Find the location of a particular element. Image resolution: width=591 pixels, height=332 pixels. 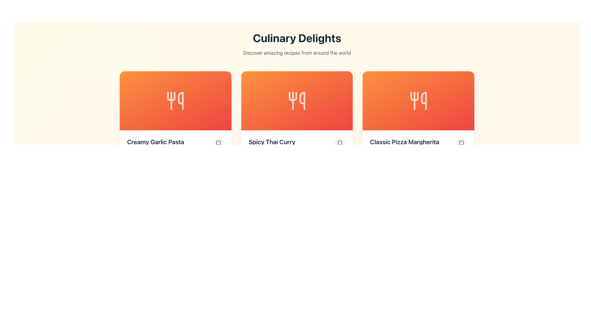

the vertical line with a curved hook at the top, which is part of the icon on the leftmost card (Creamy Garlic Pasta), located to the right of the fork is located at coordinates (180, 100).